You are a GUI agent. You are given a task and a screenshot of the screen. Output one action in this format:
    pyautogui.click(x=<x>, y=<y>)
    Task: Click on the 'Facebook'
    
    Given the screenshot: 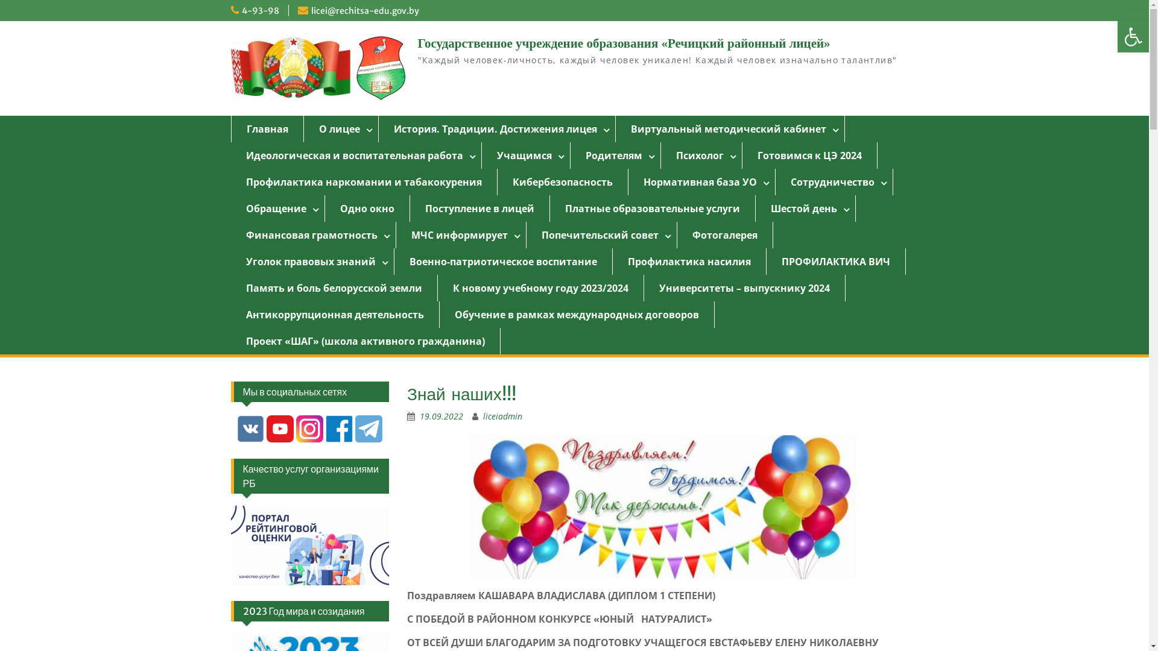 What is the action you would take?
    pyautogui.click(x=338, y=440)
    